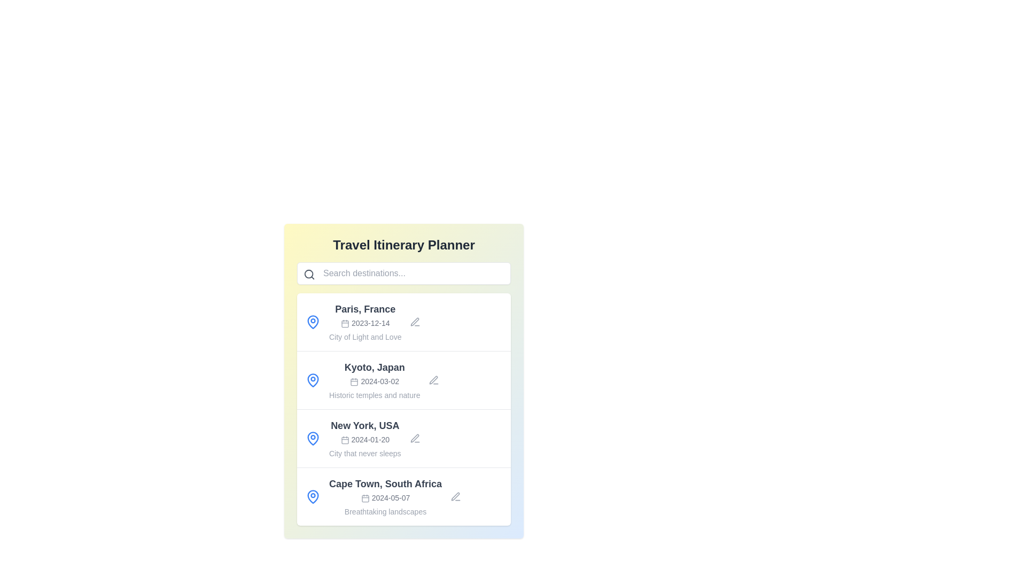 Image resolution: width=1026 pixels, height=577 pixels. I want to click on the visual representation of the location pin icon, which is a blue outlined map marker placed to the left of the text 'New York, USA', so click(312, 439).